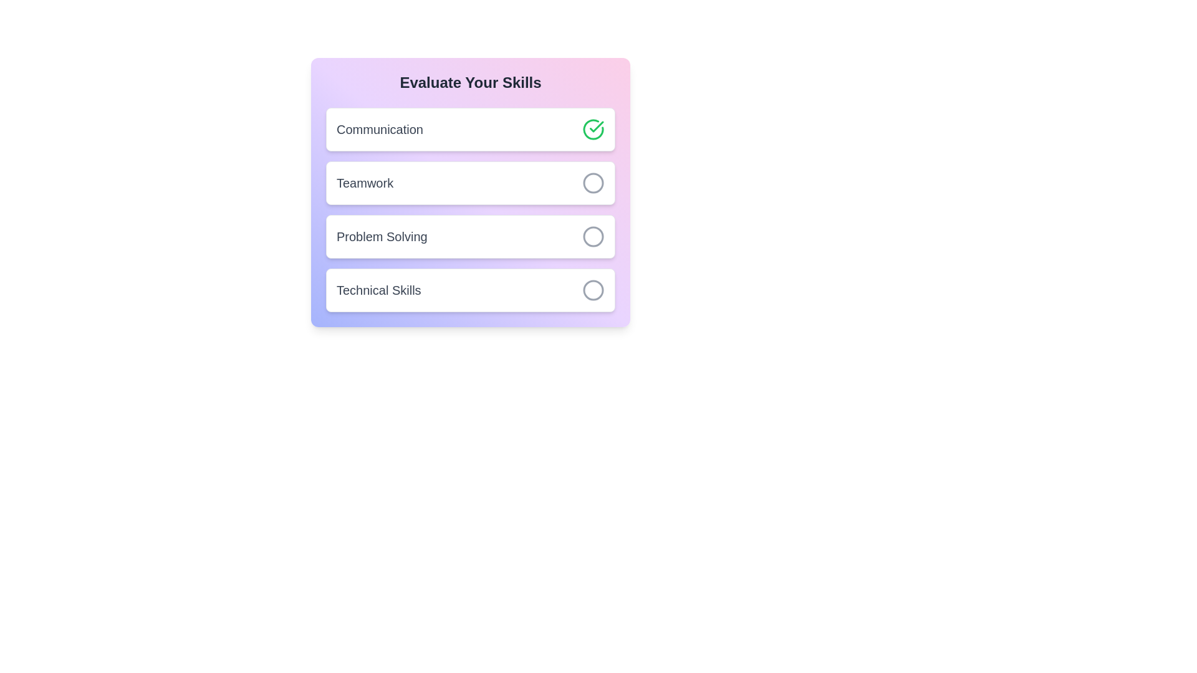 The image size is (1197, 673). What do you see at coordinates (592, 237) in the screenshot?
I see `the skill Problem Solving by clicking its associated button` at bounding box center [592, 237].